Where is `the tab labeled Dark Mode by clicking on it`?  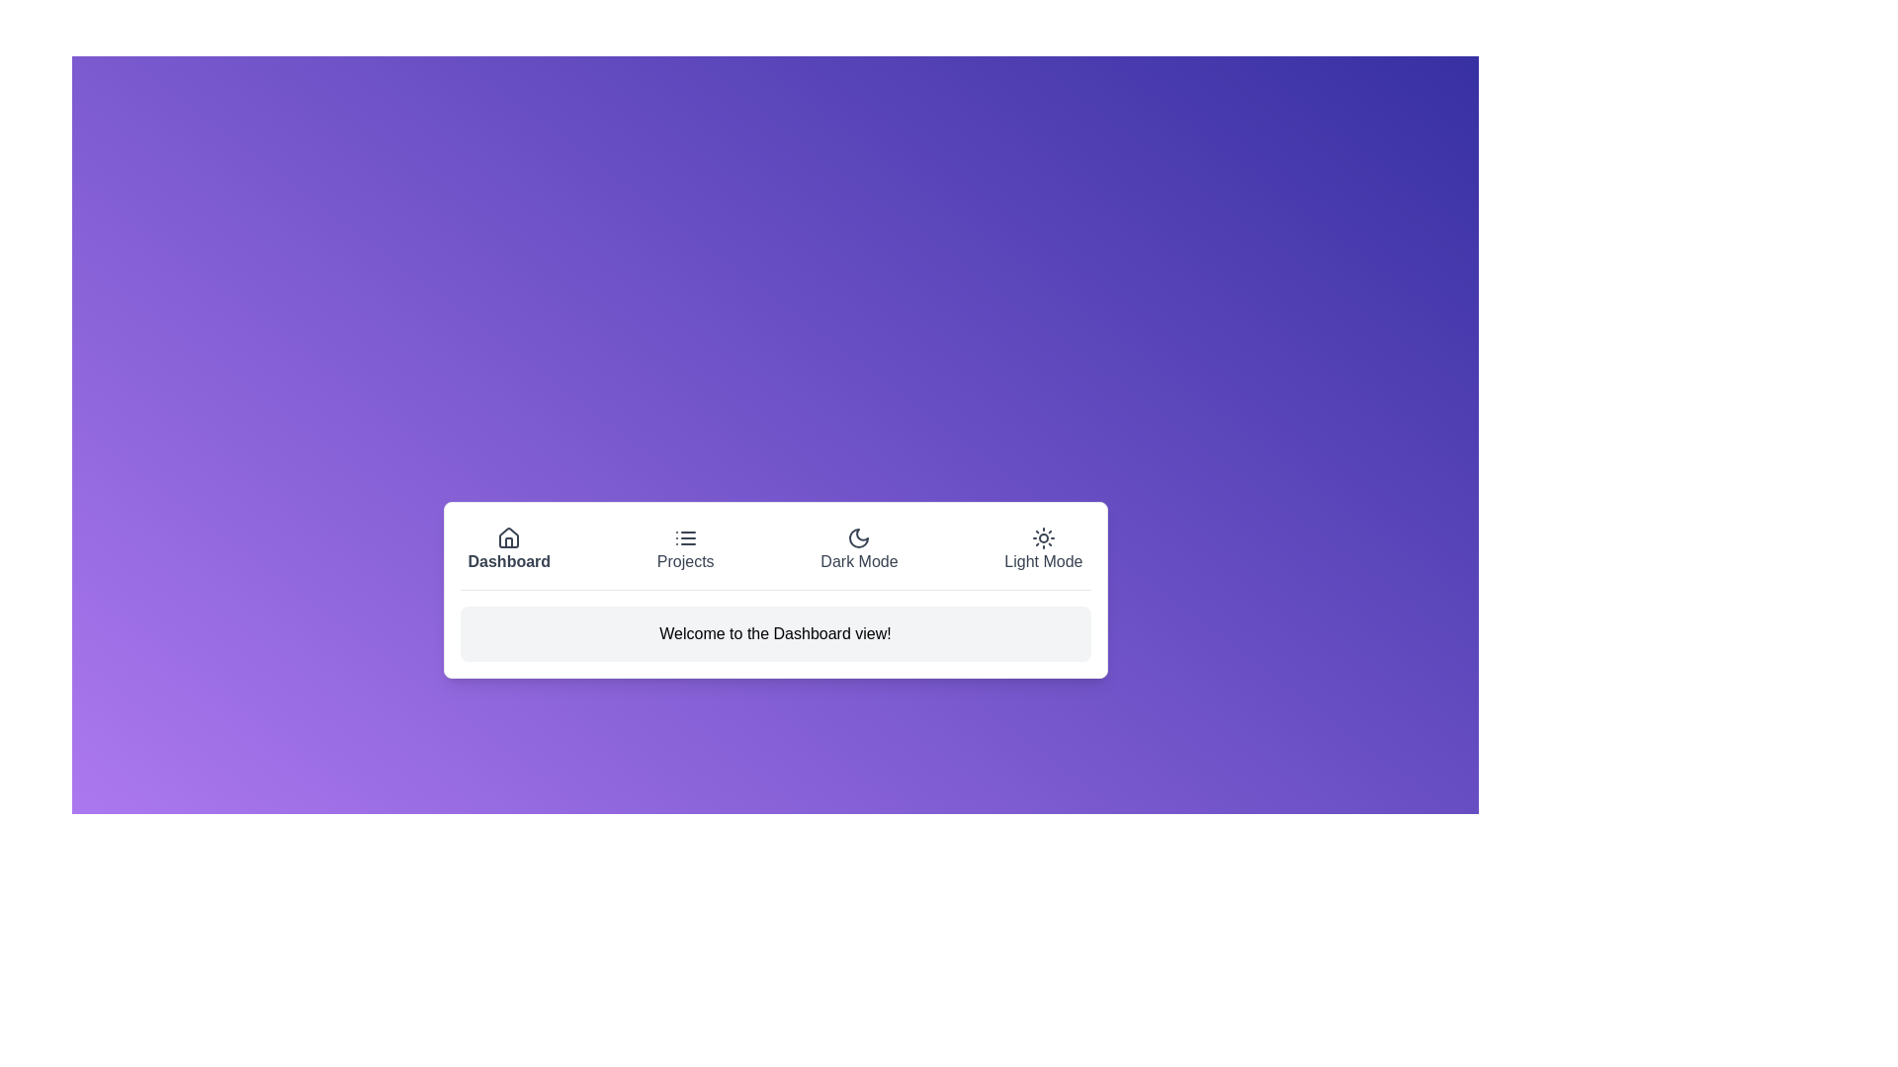
the tab labeled Dark Mode by clicking on it is located at coordinates (859, 549).